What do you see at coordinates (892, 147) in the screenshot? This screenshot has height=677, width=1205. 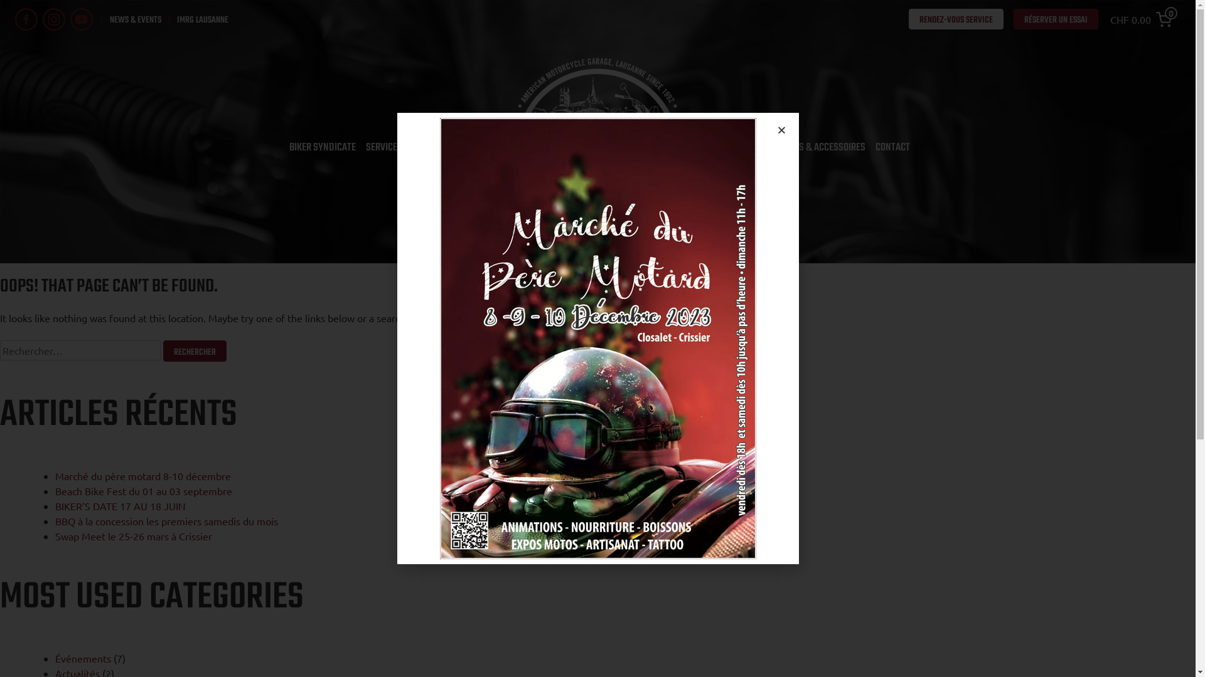 I see `'CONTACT'` at bounding box center [892, 147].